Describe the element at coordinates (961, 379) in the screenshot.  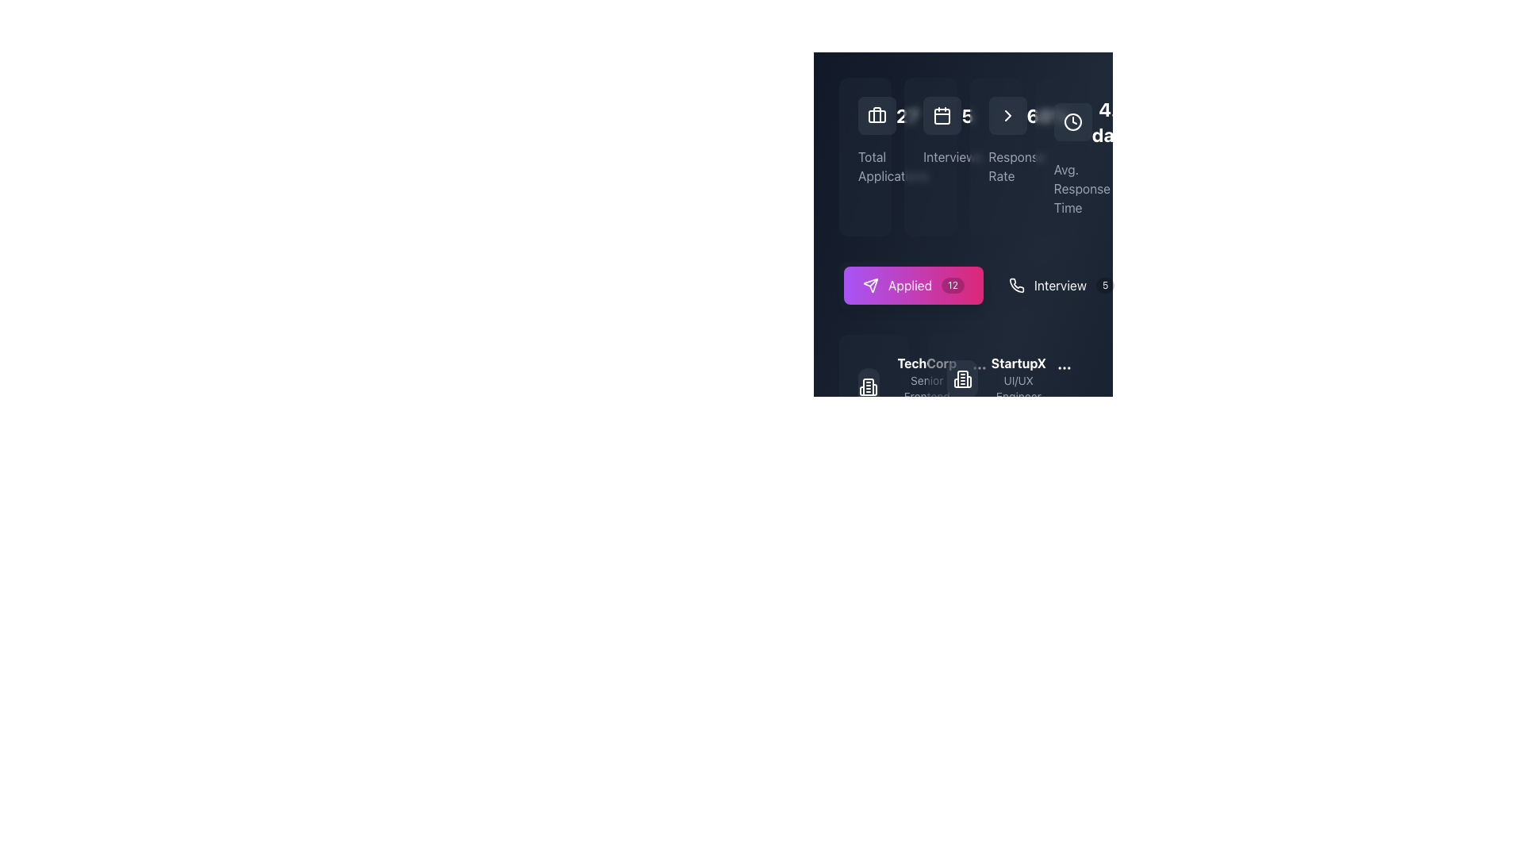
I see `the vertical rectangle element inside the building-like icon, which is part of an SVG defined by the class 'lucide lucide-building2 w-6 h-6'` at that location.